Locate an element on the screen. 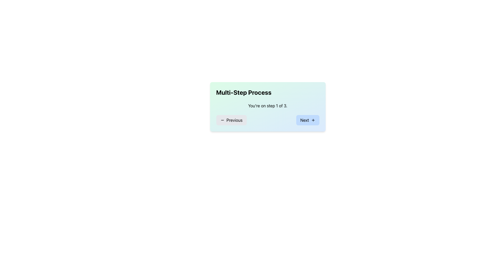 The width and height of the screenshot is (495, 278). the plus icon located to the right side of the 'Next' button text at the bottom-right corner of the instructions card is located at coordinates (313, 120).